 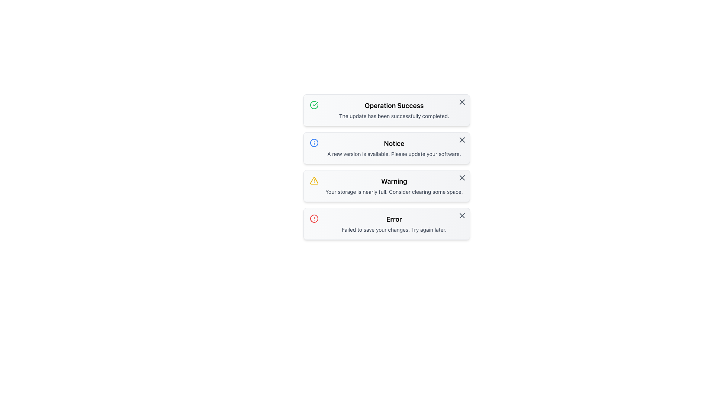 I want to click on text snippet that says 'Failed to save your changes. Try again later.' located below the bold 'Error' title in the notification box, so click(x=394, y=229).